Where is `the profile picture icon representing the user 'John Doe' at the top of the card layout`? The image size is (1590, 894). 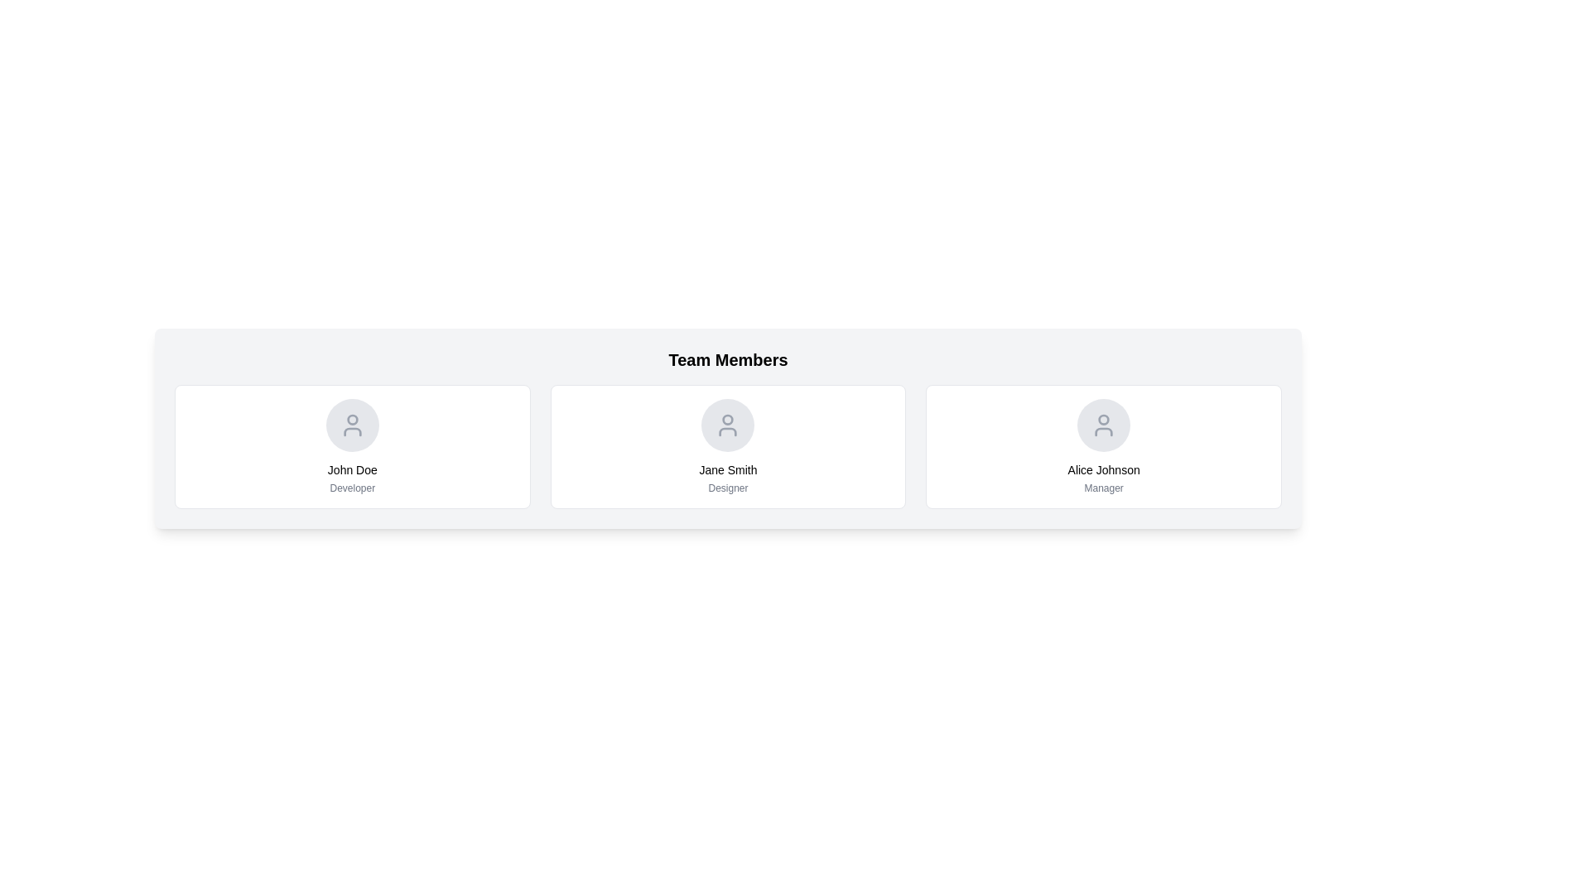
the profile picture icon representing the user 'John Doe' at the top of the card layout is located at coordinates (351, 424).